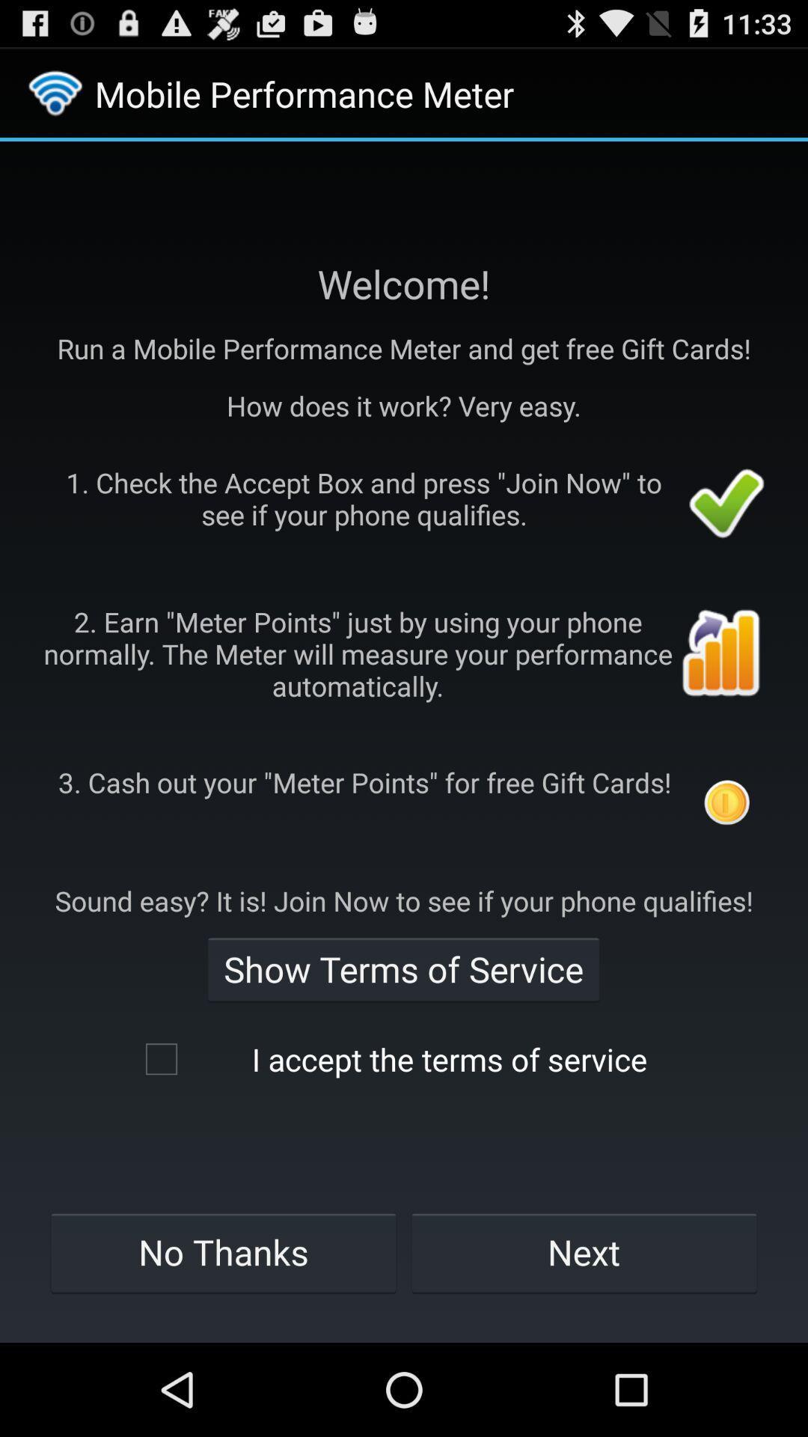 The height and width of the screenshot is (1437, 808). I want to click on icon at the bottom left corner, so click(223, 1252).